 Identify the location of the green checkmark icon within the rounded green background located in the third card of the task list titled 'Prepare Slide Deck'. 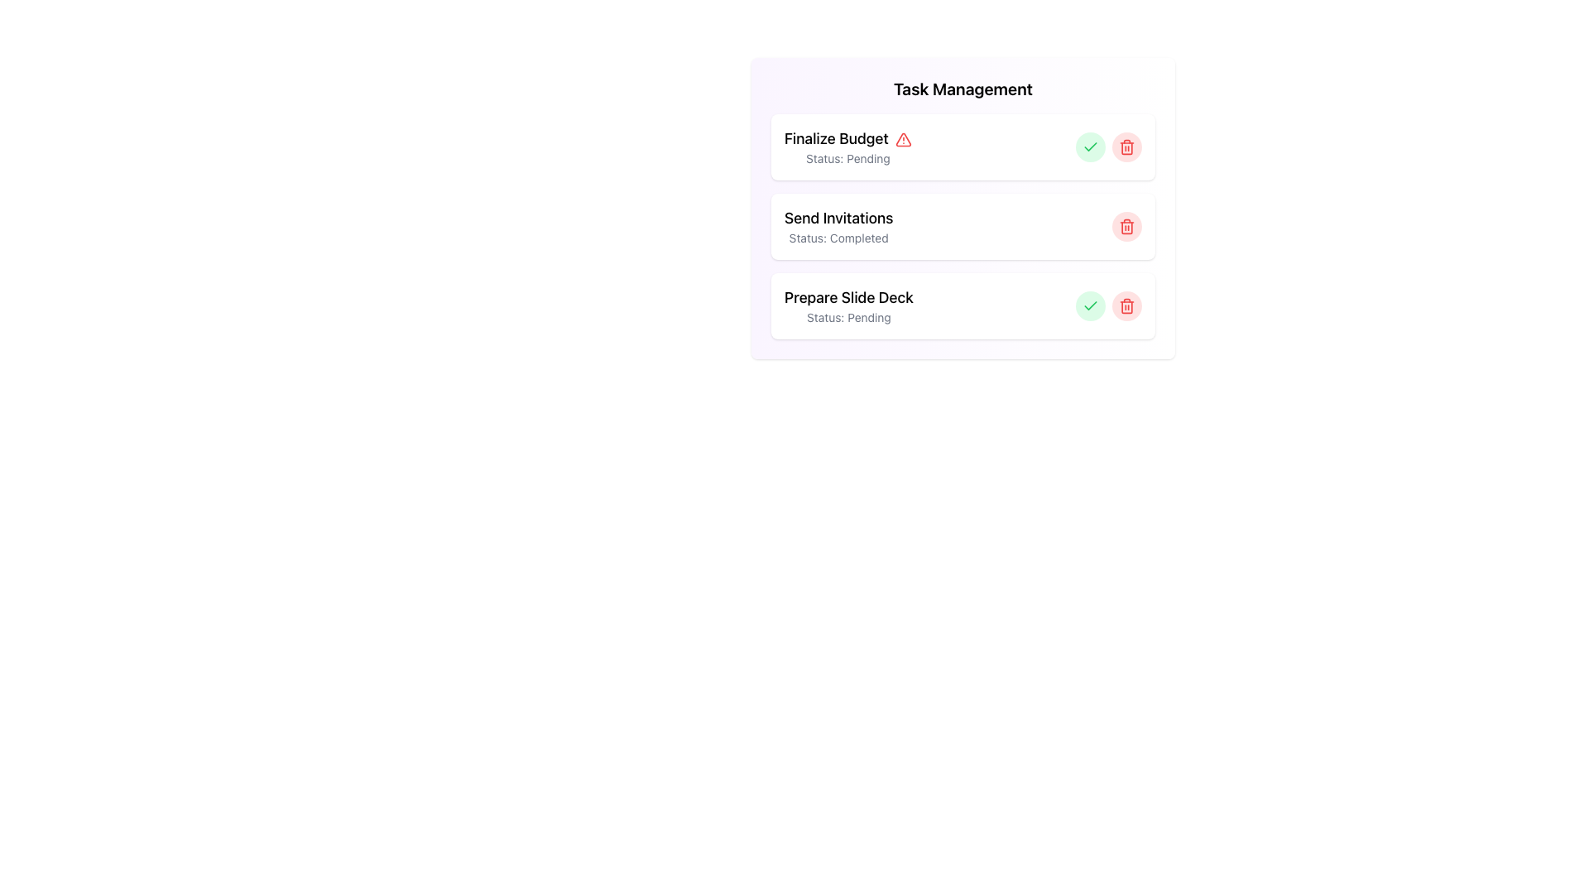
(1091, 146).